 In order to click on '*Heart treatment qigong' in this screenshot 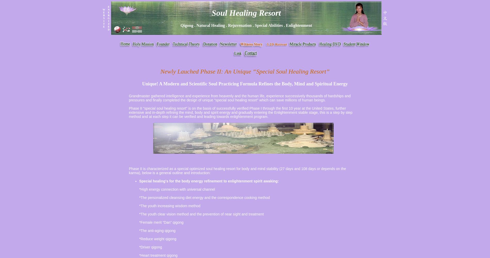, I will do `click(158, 255)`.